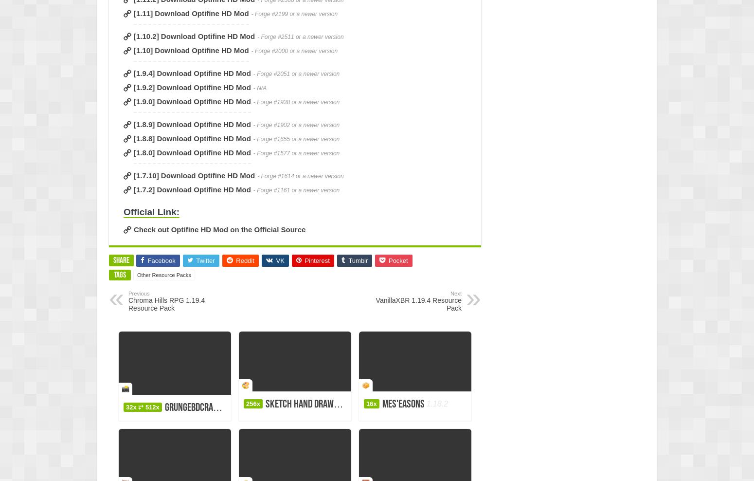 This screenshot has height=481, width=754. What do you see at coordinates (191, 13) in the screenshot?
I see `'[1.11] Download Optifine HD Mod'` at bounding box center [191, 13].